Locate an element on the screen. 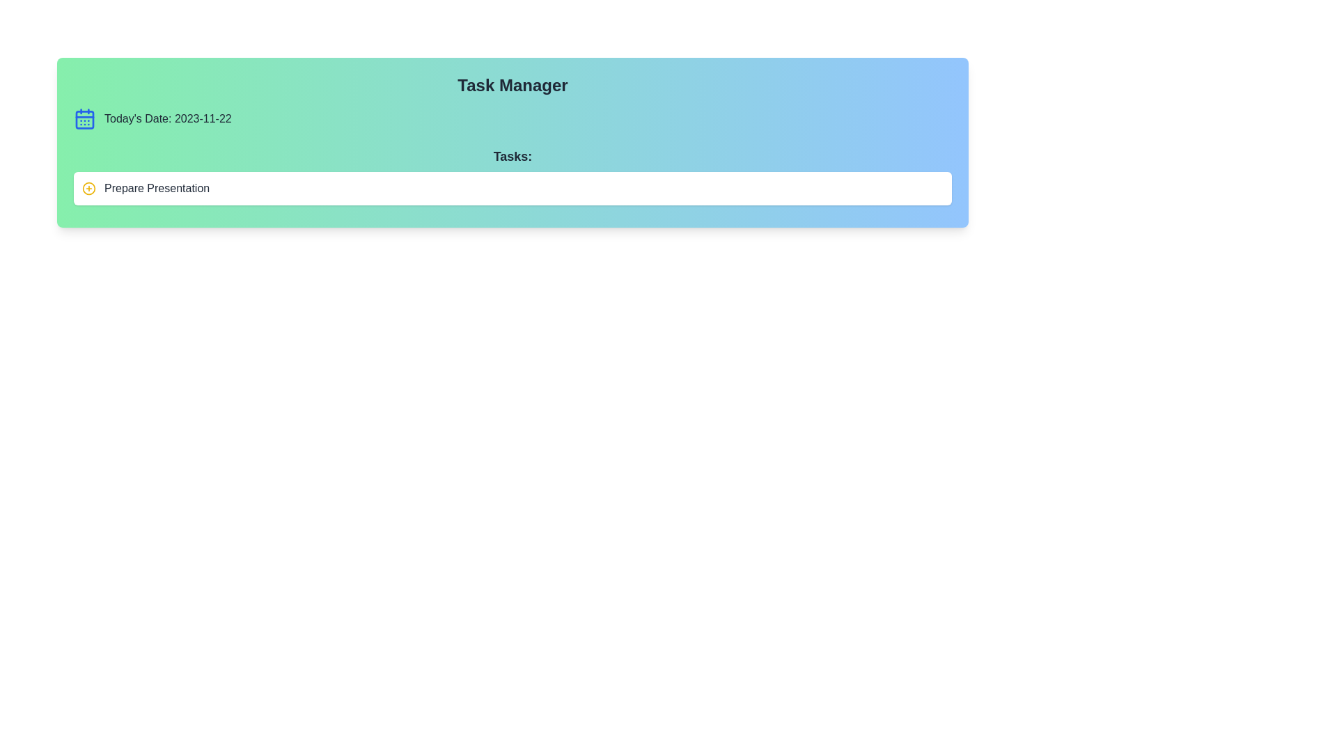  the main section of the calendar icon located to the left of the text 'Today's Date: 2023-11-22' is located at coordinates (84, 119).